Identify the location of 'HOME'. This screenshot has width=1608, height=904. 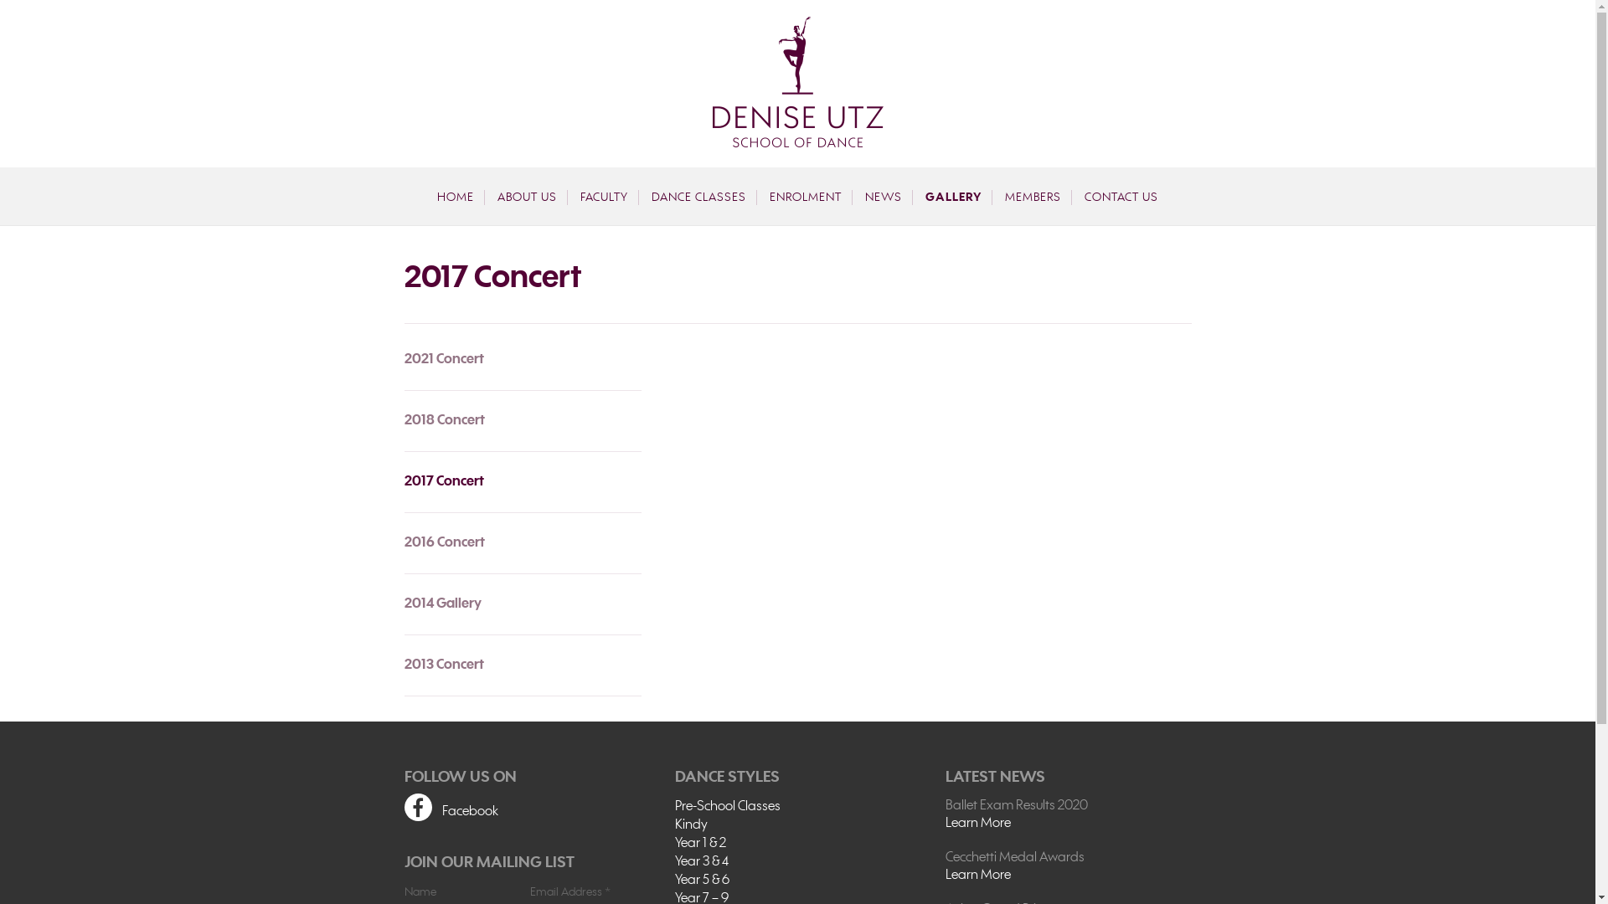
(426, 196).